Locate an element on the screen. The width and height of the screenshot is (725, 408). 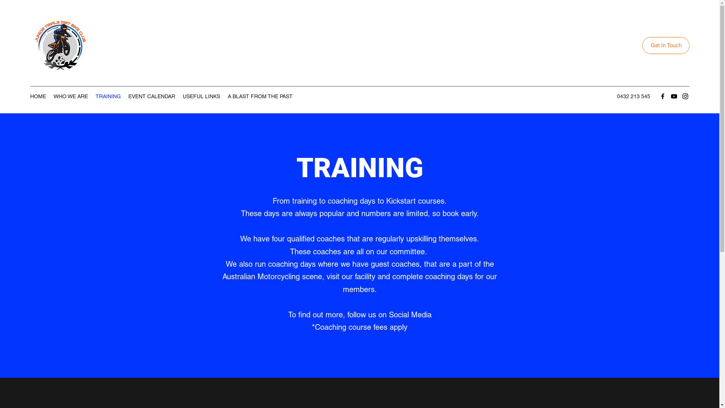
'A BLAST FROM THE PAST' is located at coordinates (260, 96).